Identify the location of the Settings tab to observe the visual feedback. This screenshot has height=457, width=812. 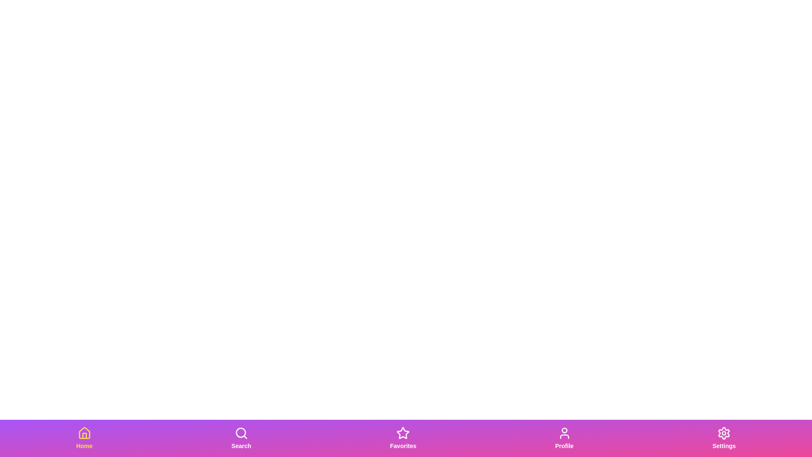
(724, 438).